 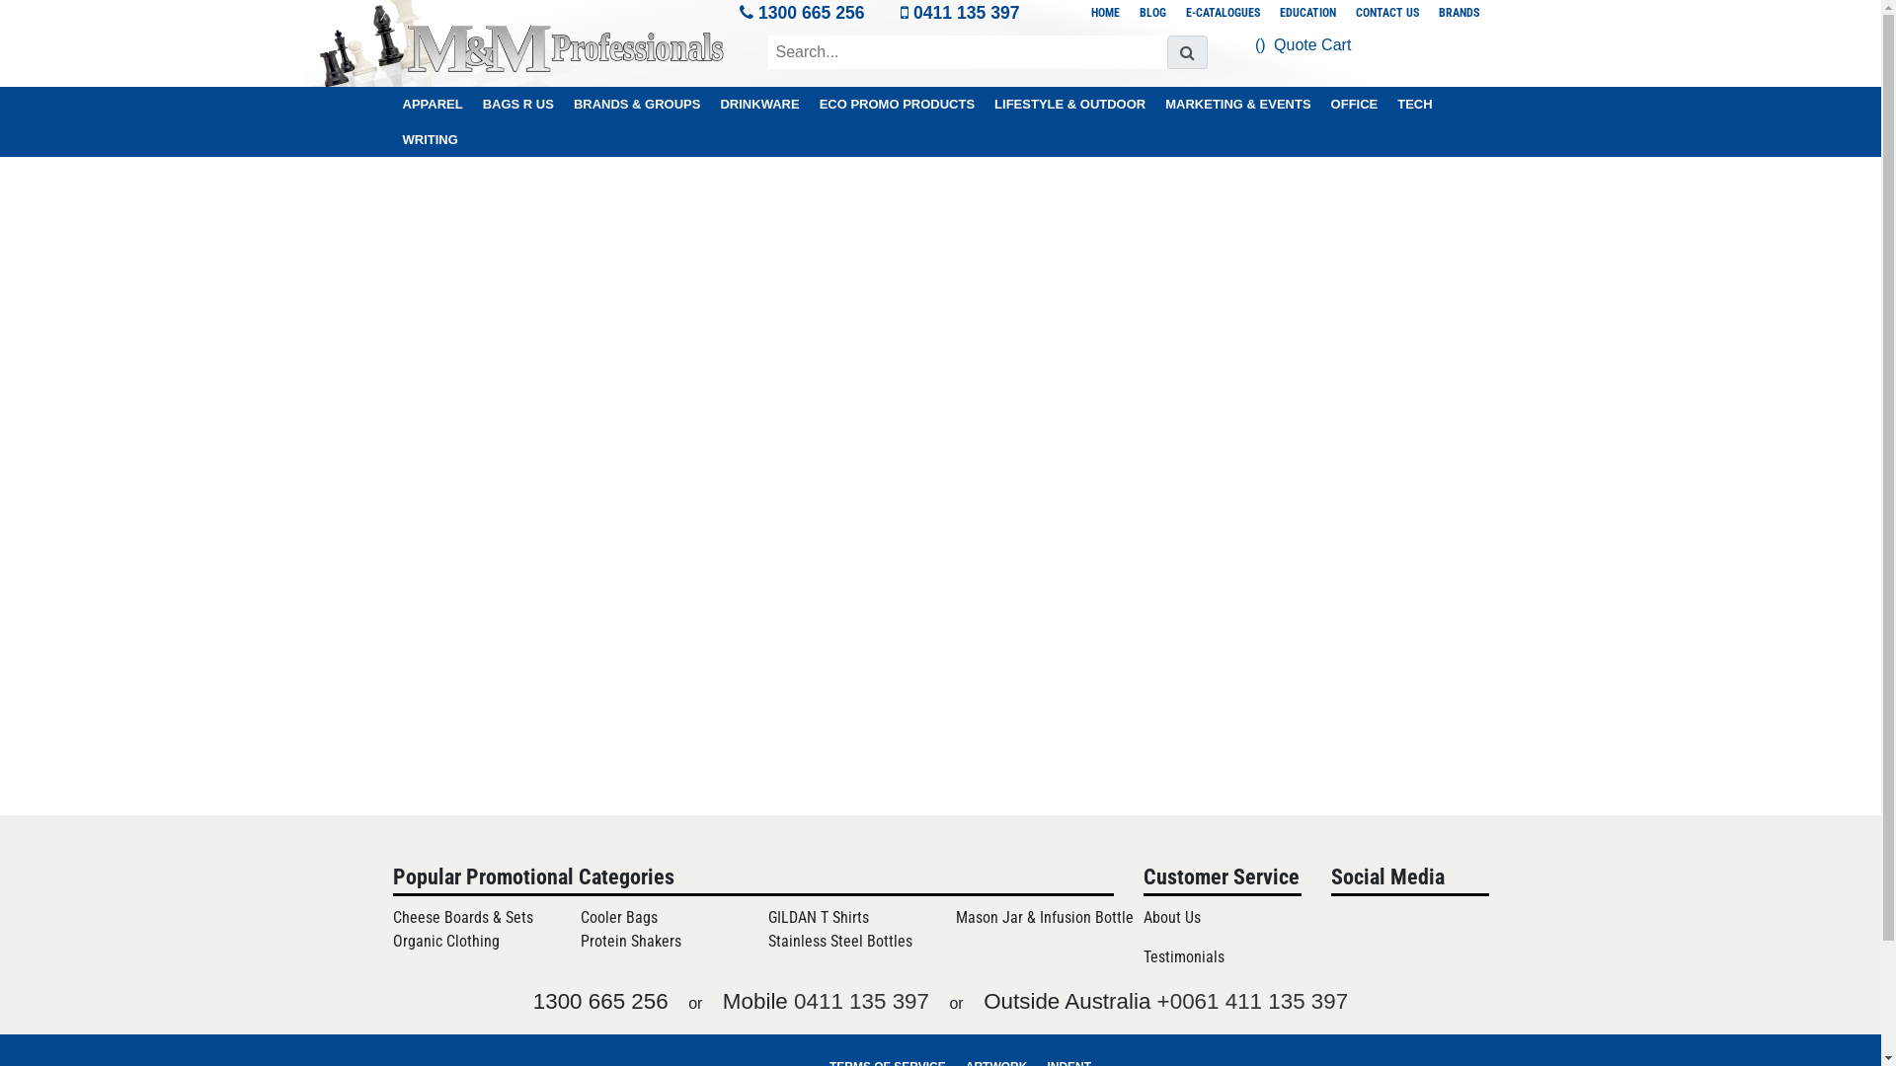 What do you see at coordinates (472, 104) in the screenshot?
I see `'BAGS R US'` at bounding box center [472, 104].